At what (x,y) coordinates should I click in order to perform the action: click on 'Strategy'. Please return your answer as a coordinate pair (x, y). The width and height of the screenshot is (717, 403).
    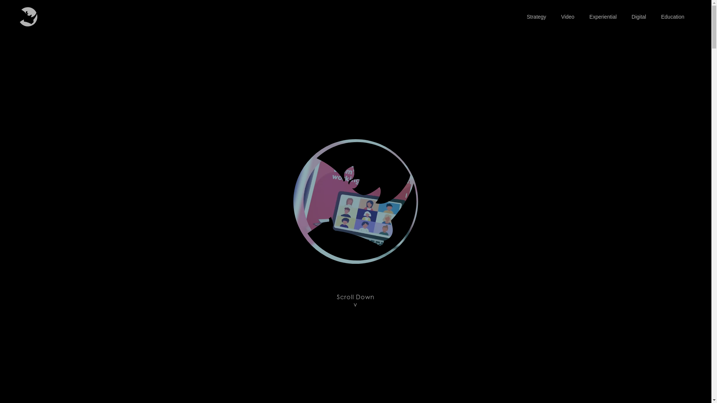
    Looking at the image, I should click on (536, 17).